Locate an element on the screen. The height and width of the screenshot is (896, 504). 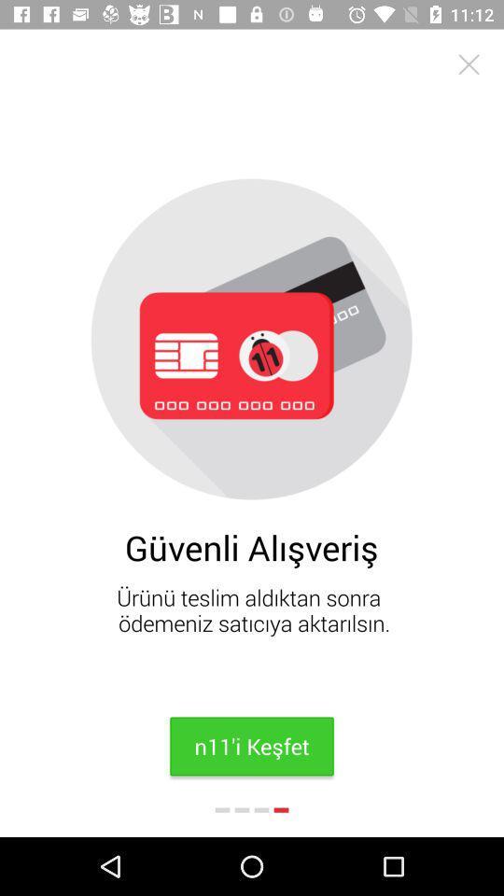
the icon at the top right corner is located at coordinates (468, 64).